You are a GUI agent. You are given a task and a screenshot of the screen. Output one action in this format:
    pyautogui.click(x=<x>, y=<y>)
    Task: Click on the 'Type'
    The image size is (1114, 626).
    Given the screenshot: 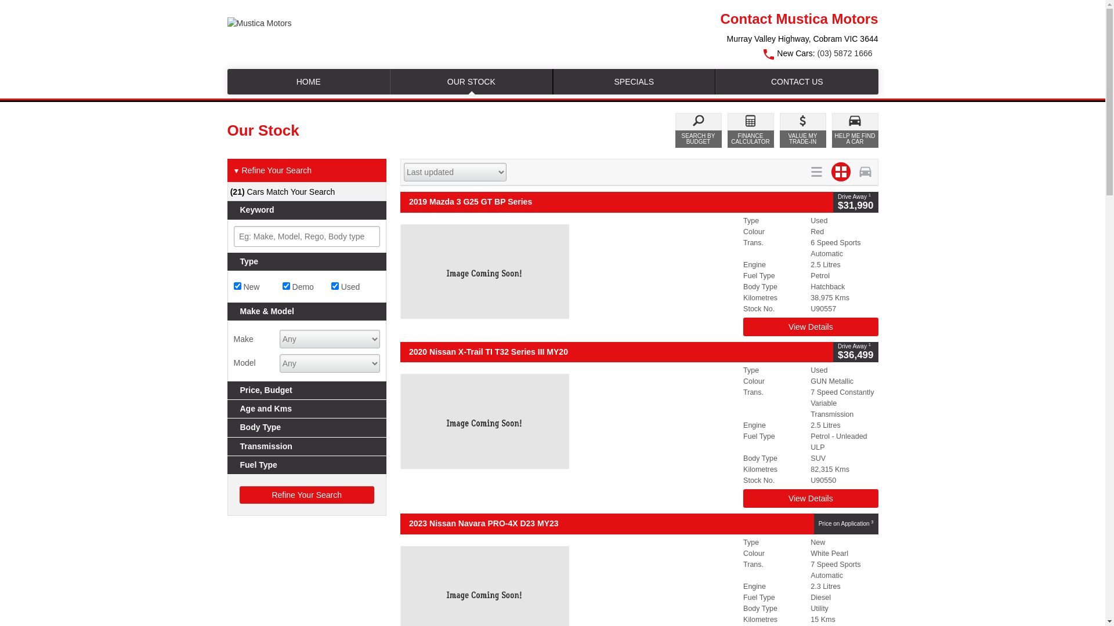 What is the action you would take?
    pyautogui.click(x=227, y=261)
    